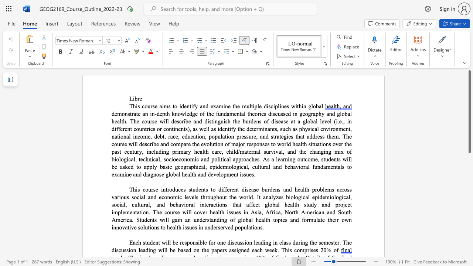  What do you see at coordinates (469, 248) in the screenshot?
I see `the scrollbar to move the page downward` at bounding box center [469, 248].